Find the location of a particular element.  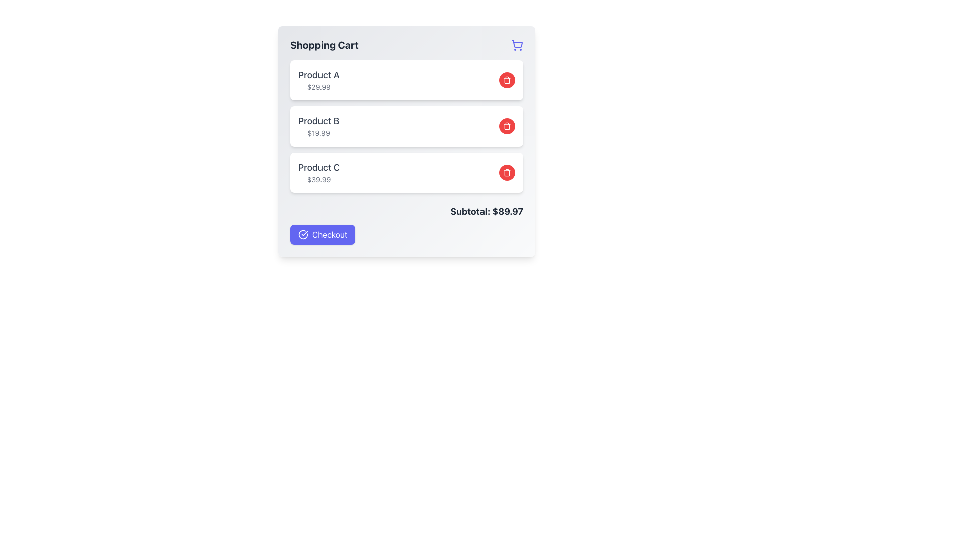

the second cart item row is located at coordinates (407, 125).